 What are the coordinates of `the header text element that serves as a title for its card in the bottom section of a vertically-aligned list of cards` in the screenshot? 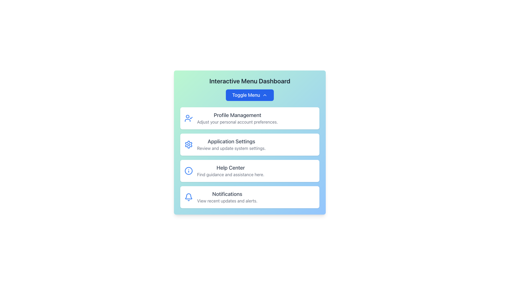 It's located at (227, 194).